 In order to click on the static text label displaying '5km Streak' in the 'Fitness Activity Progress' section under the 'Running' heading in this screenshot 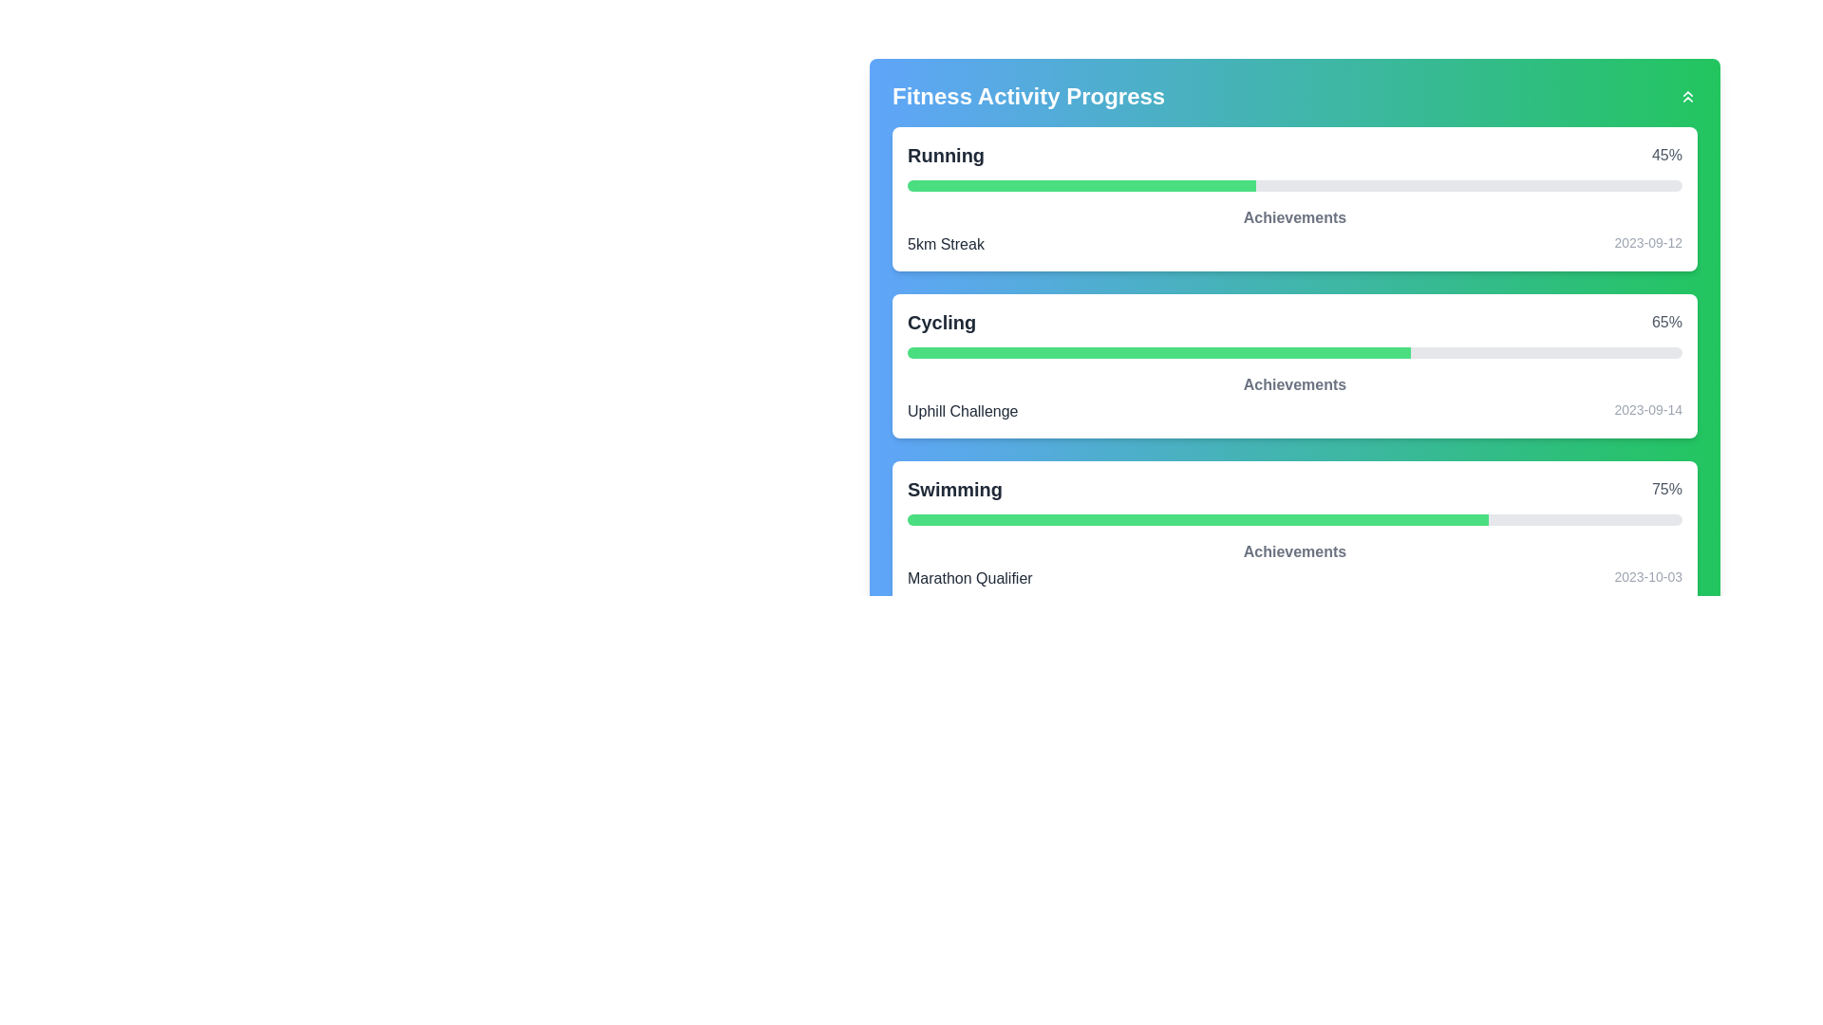, I will do `click(946, 244)`.